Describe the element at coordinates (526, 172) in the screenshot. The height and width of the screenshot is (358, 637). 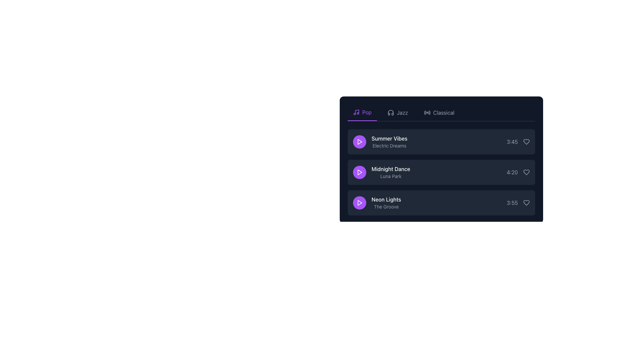
I see `the heart icon button to mark the item 'Midnight Dance' as favorite` at that location.